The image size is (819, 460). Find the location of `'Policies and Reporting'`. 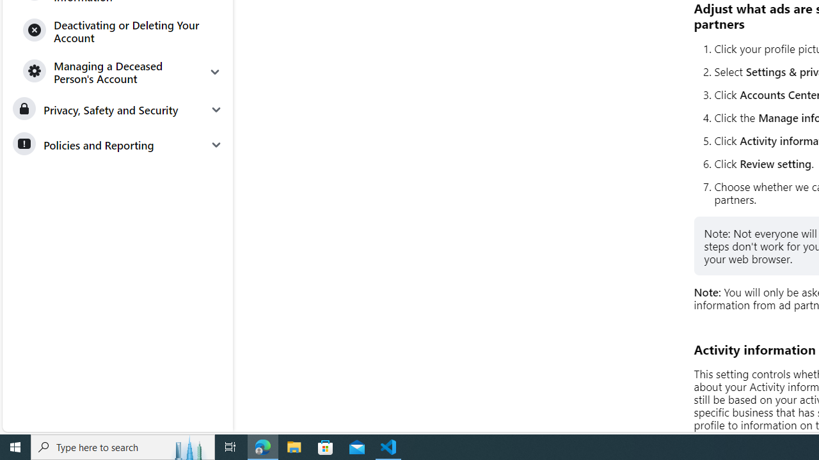

'Policies and Reporting' is located at coordinates (117, 144).